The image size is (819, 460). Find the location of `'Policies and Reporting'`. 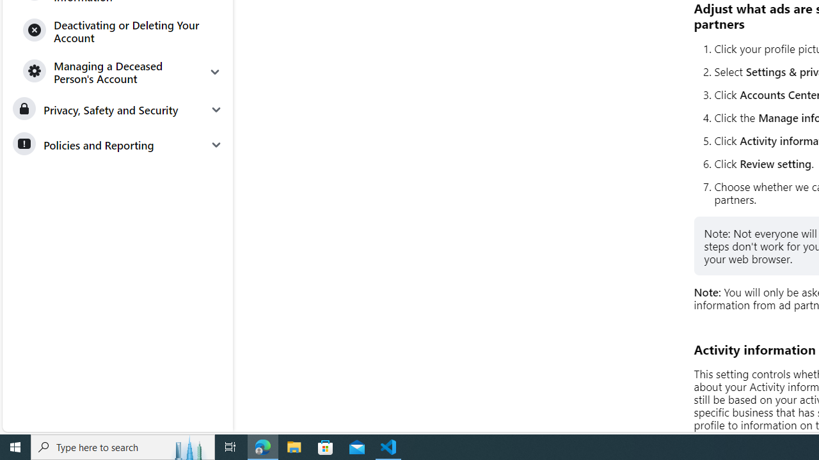

'Policies and Reporting' is located at coordinates (117, 144).